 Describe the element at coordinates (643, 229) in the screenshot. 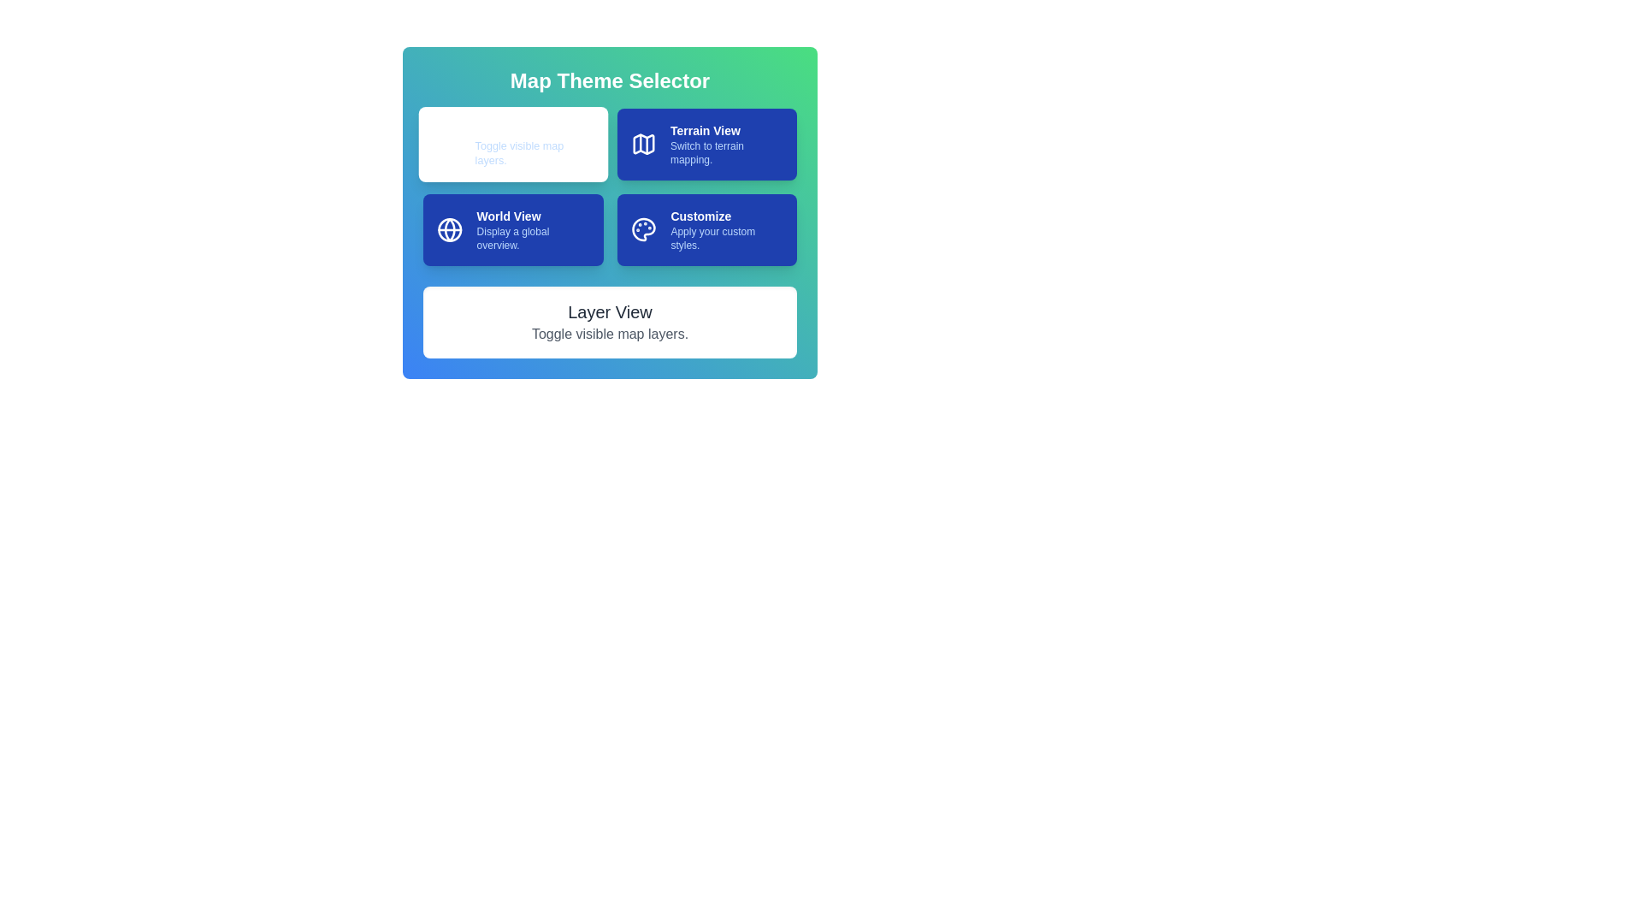

I see `the Item Icon representing 'customization' located on the right side of the 'Customize' button in the highlighted panel` at that location.